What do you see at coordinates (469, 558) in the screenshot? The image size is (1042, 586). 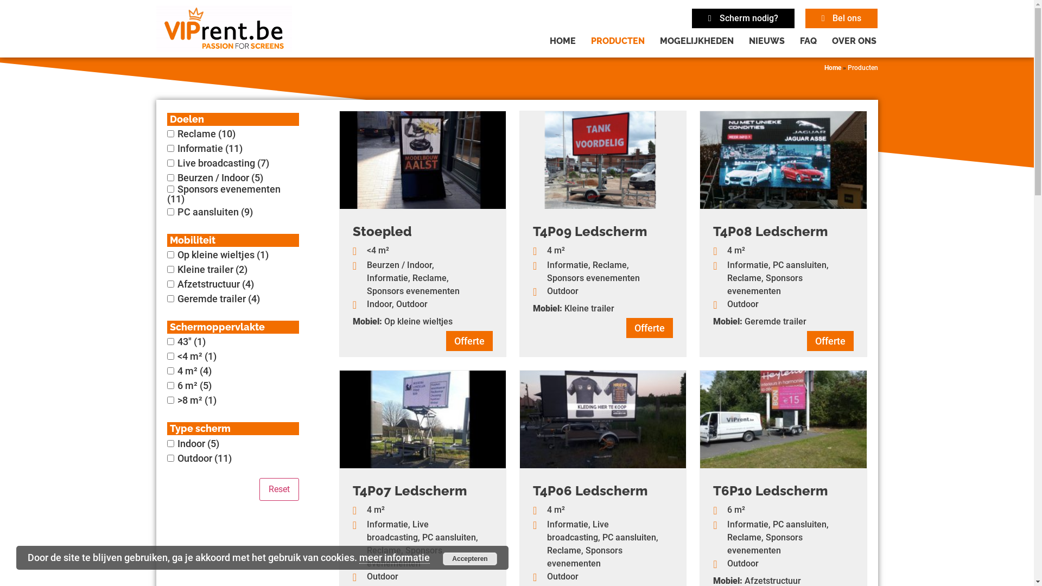 I see `'Accepteren'` at bounding box center [469, 558].